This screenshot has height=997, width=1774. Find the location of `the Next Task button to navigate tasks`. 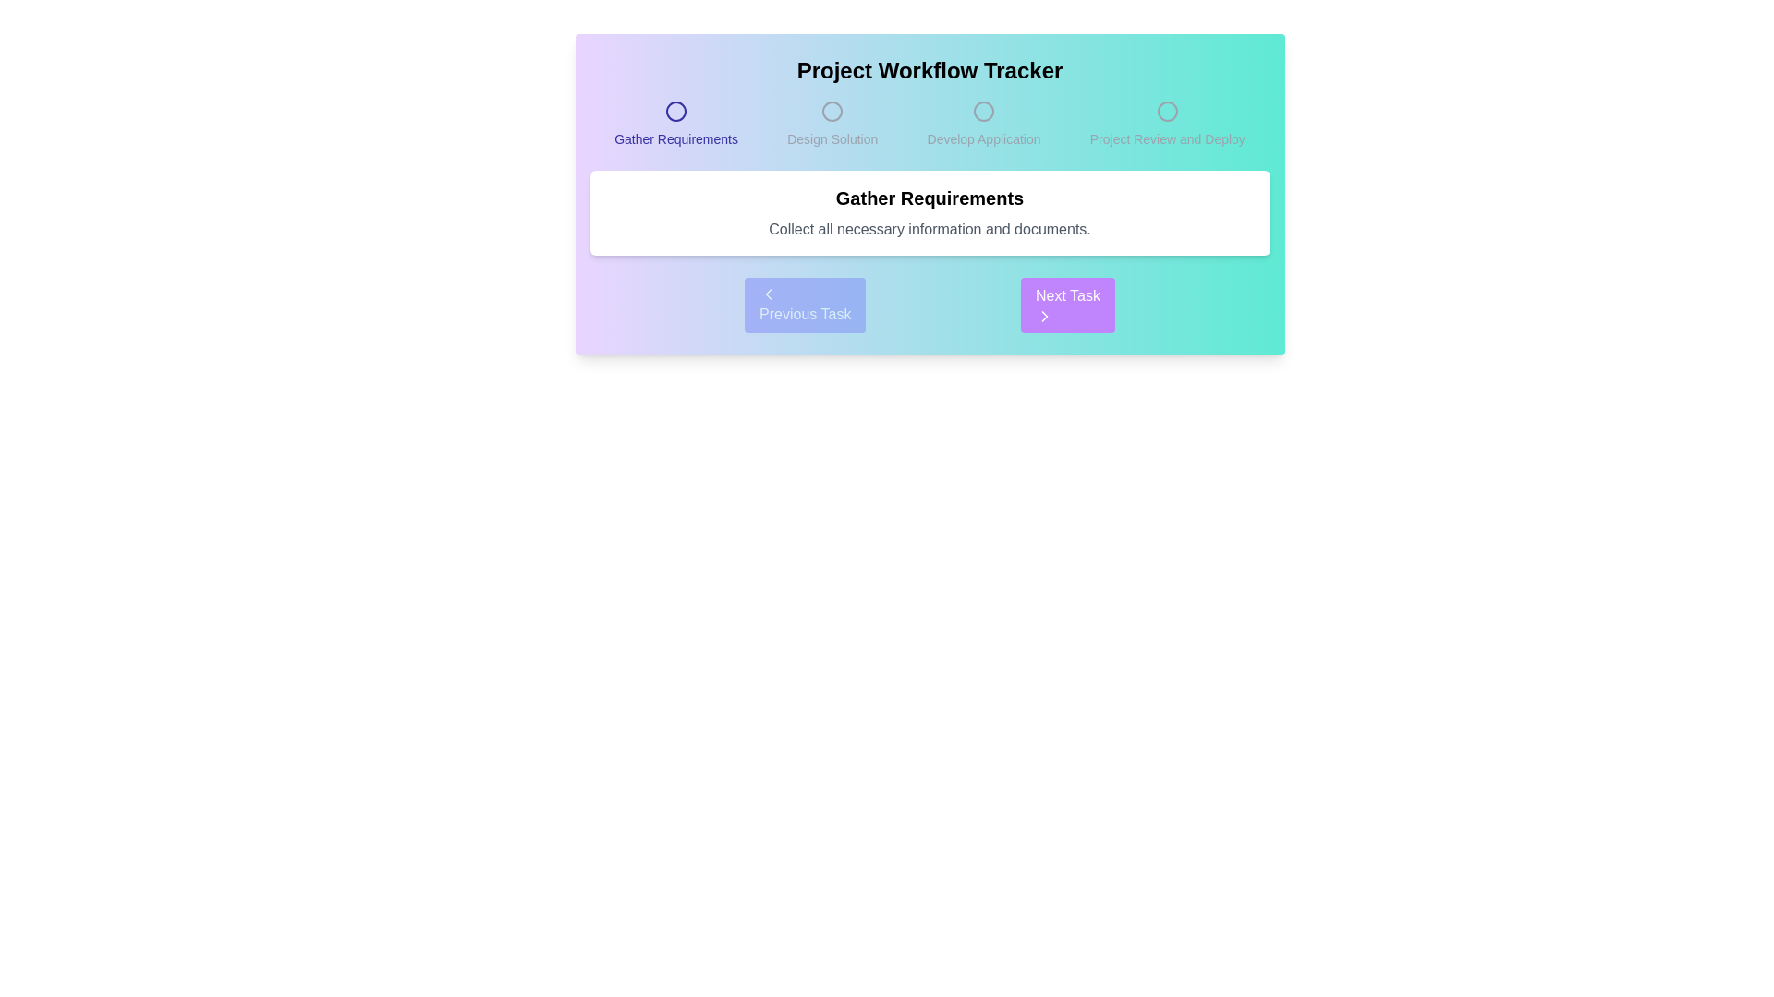

the Next Task button to navigate tasks is located at coordinates (1068, 305).